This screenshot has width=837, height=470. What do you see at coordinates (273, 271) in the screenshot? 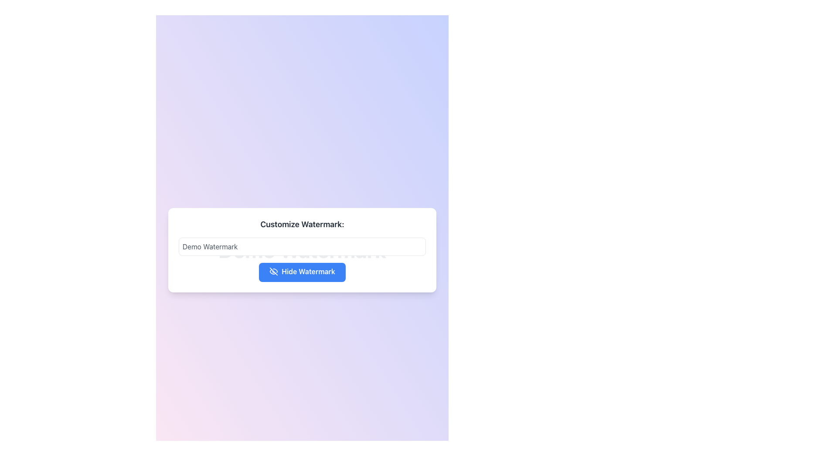
I see `the diagonal cross icon representing the 'hide' or 'disable' action, located to the left of the 'Hide Watermark' text label` at bounding box center [273, 271].